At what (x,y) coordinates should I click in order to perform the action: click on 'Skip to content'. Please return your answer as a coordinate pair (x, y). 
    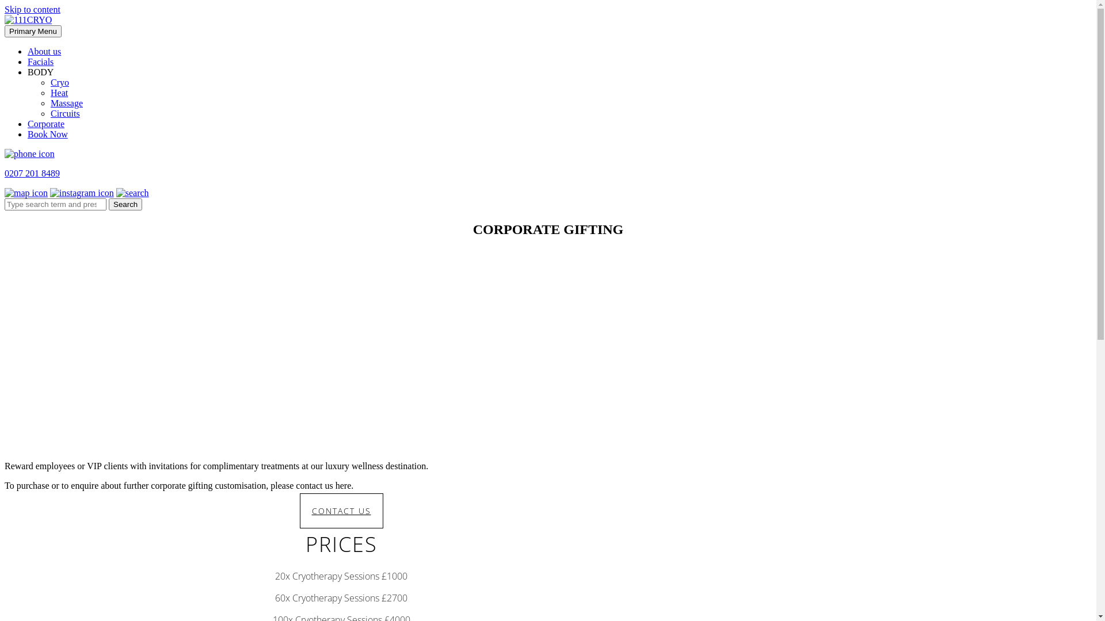
    Looking at the image, I should click on (5, 9).